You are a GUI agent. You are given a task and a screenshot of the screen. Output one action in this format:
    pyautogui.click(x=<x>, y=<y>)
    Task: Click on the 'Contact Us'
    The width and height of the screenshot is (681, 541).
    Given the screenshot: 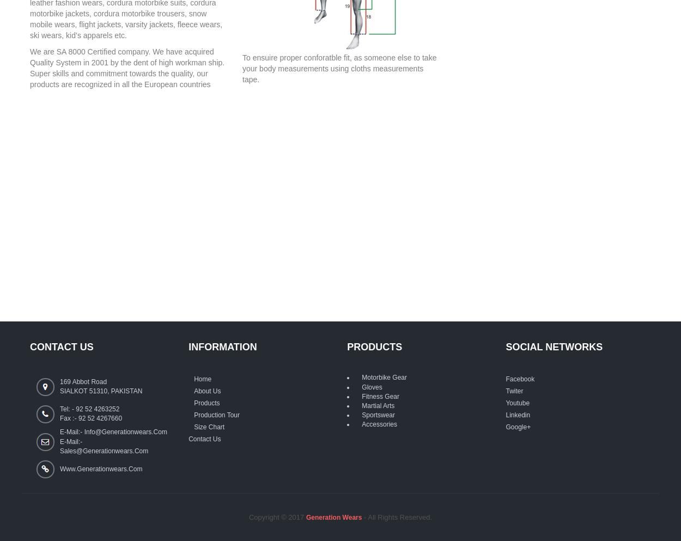 What is the action you would take?
    pyautogui.click(x=204, y=439)
    